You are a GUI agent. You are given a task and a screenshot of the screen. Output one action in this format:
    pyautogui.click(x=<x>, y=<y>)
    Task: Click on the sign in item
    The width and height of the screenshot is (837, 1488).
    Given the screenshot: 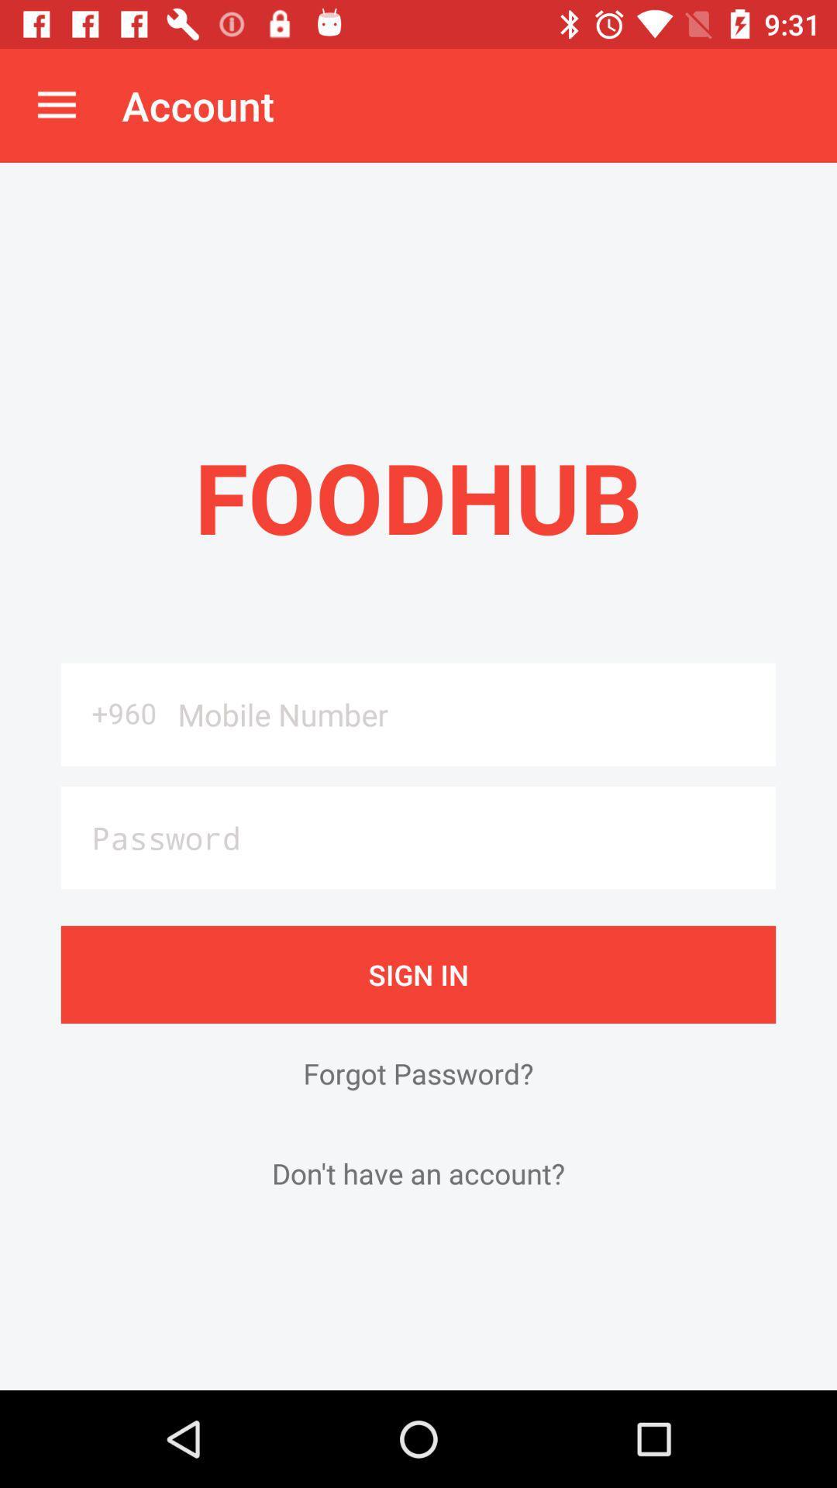 What is the action you would take?
    pyautogui.click(x=418, y=973)
    